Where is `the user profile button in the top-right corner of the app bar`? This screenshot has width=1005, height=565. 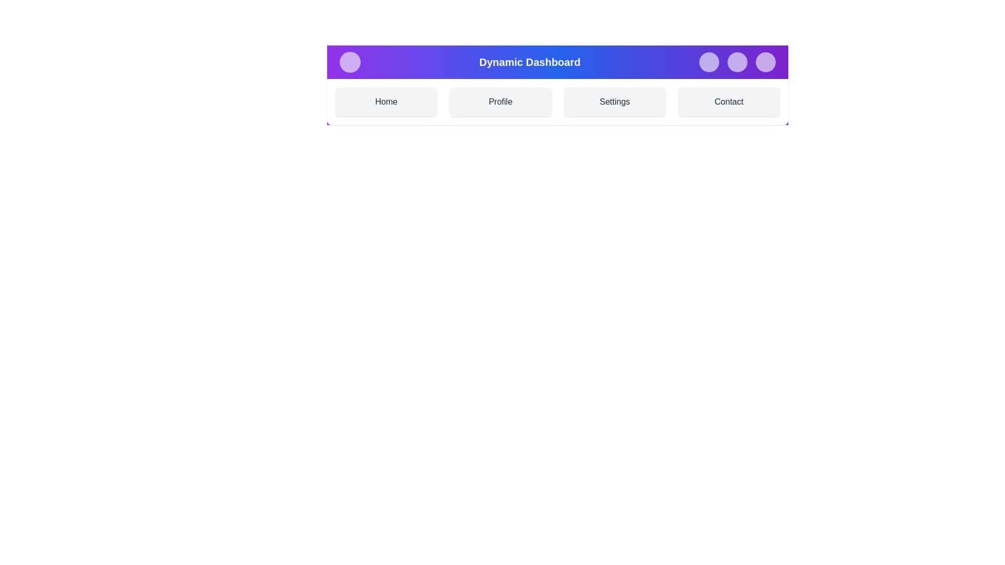 the user profile button in the top-right corner of the app bar is located at coordinates (766, 62).